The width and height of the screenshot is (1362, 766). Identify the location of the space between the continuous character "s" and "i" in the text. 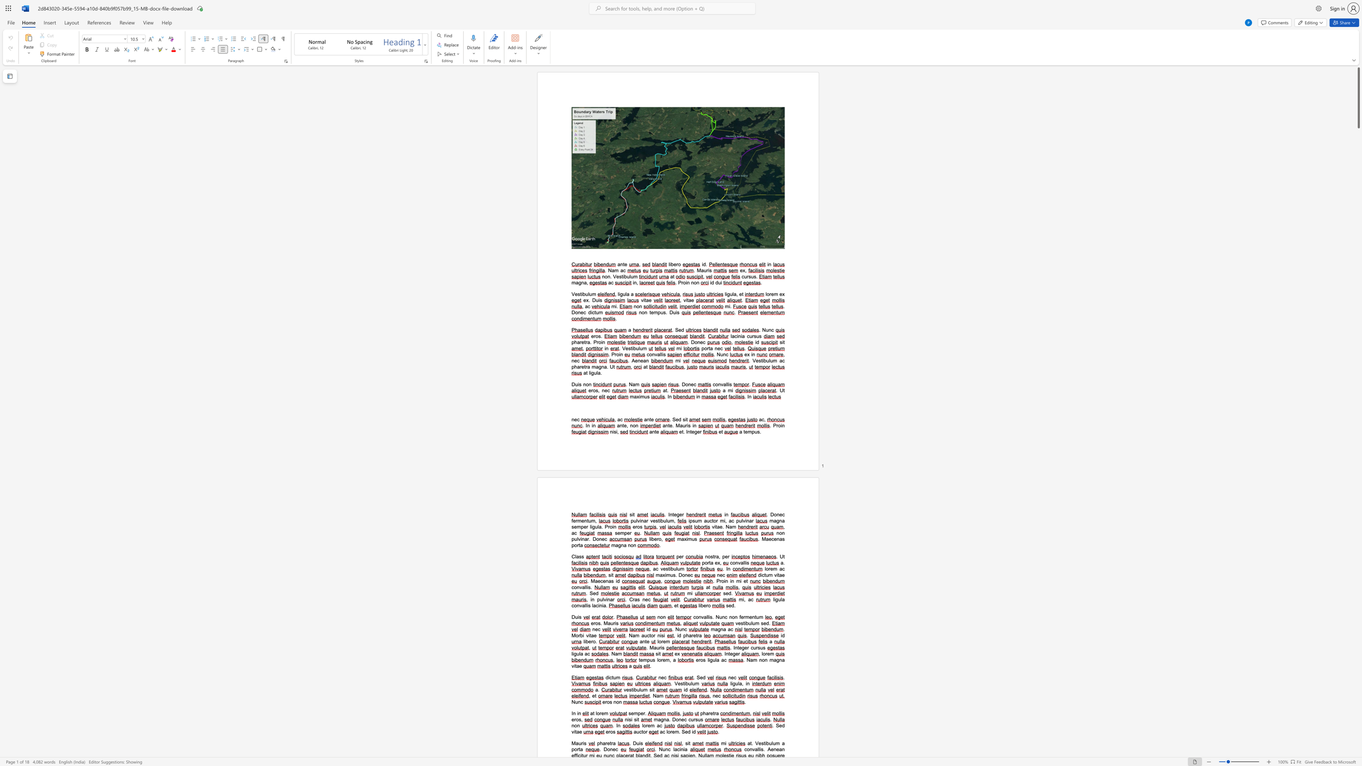
(651, 690).